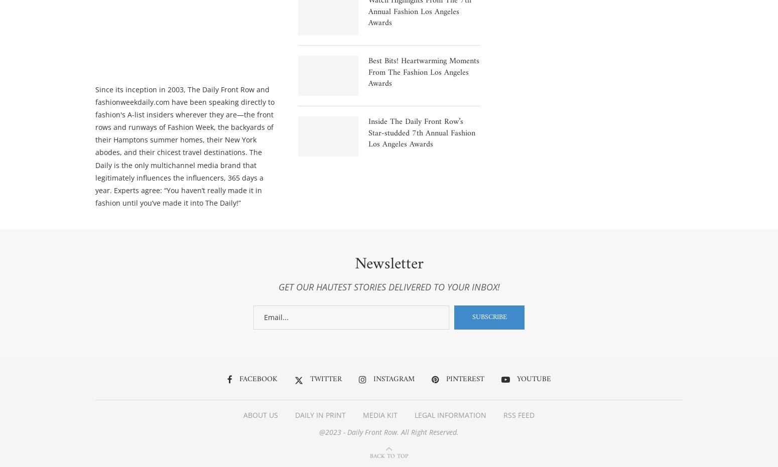  Describe the element at coordinates (389, 457) in the screenshot. I see `'Back To Top'` at that location.